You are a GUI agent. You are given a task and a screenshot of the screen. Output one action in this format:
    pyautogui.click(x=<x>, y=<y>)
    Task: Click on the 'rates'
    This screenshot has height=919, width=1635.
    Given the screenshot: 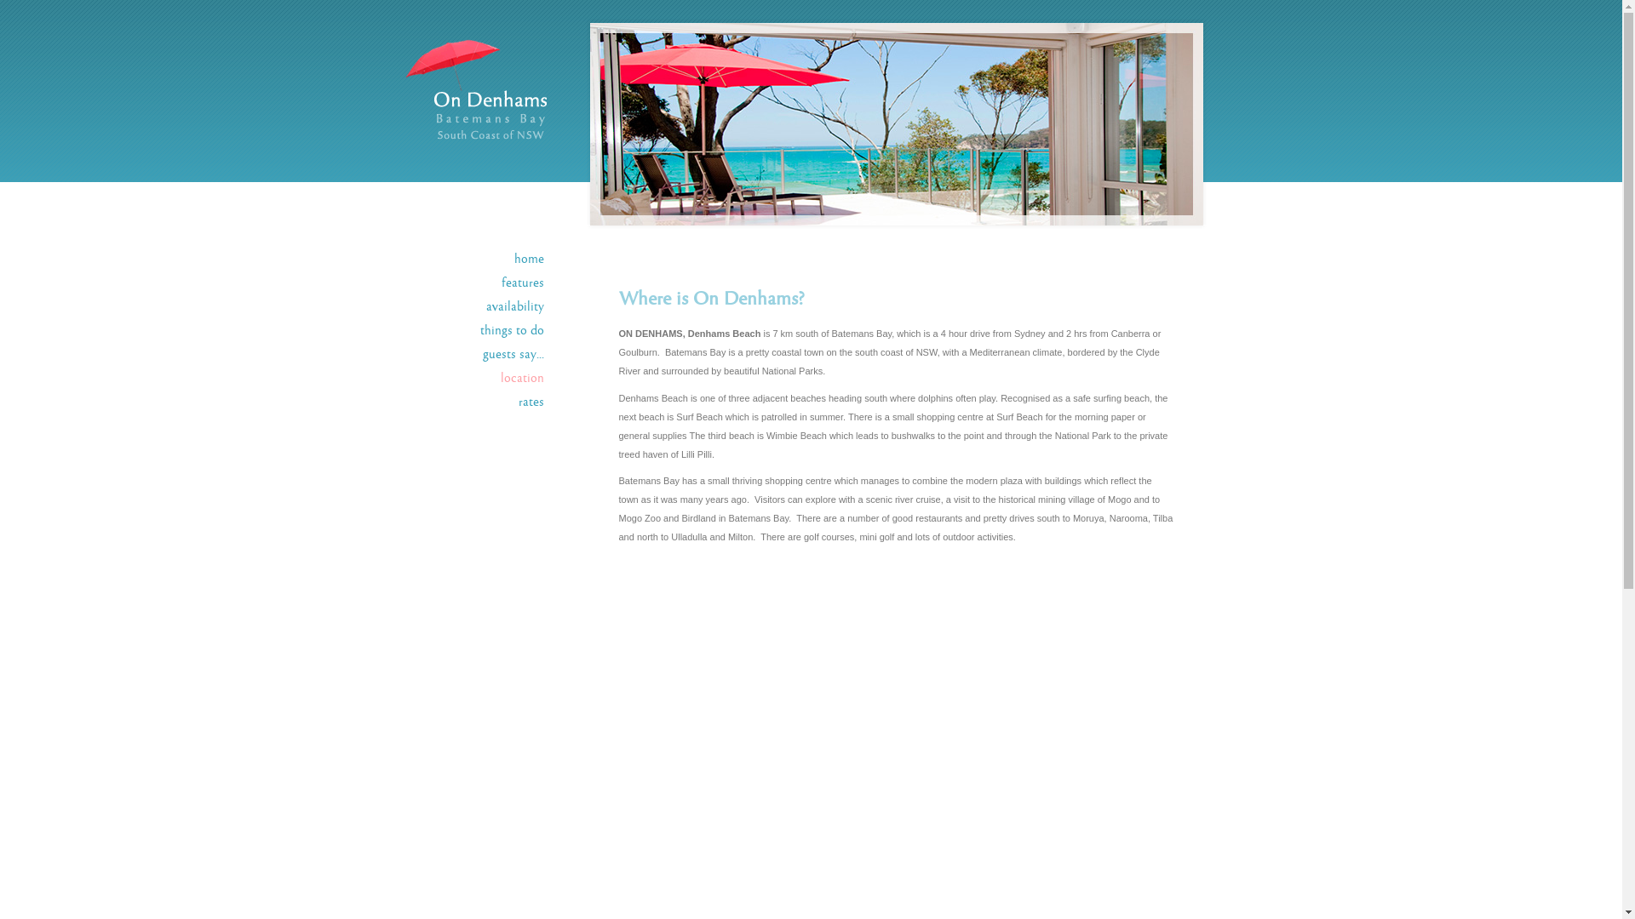 What is the action you would take?
    pyautogui.click(x=530, y=402)
    